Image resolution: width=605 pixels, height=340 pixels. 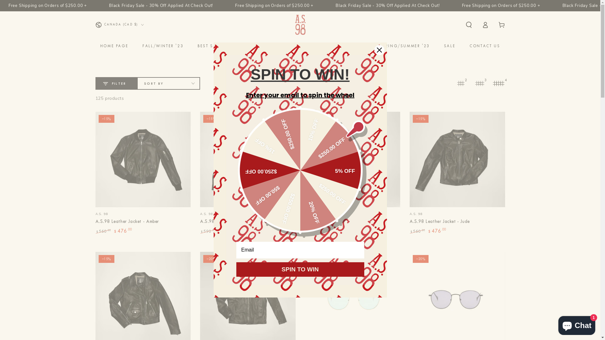 I want to click on '4', so click(x=498, y=83).